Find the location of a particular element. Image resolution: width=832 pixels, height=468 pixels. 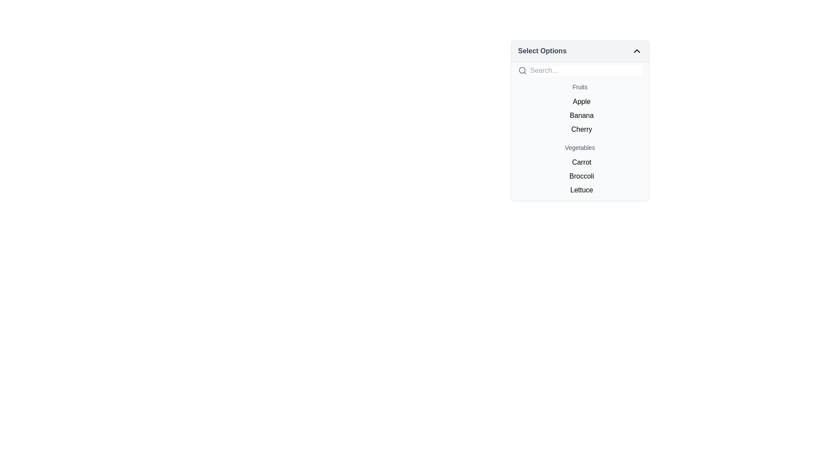

the 'Lettuce' text option in the dropdown menu under the 'Vegetables' group is located at coordinates (582, 190).